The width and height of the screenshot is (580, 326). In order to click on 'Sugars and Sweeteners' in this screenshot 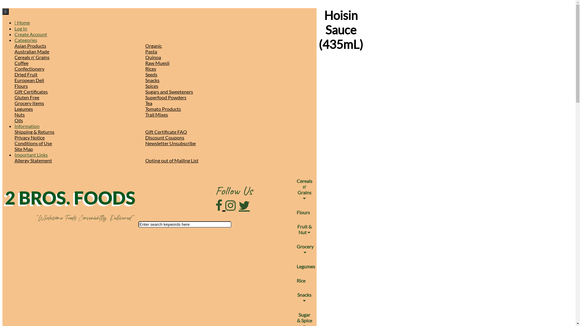, I will do `click(169, 91)`.